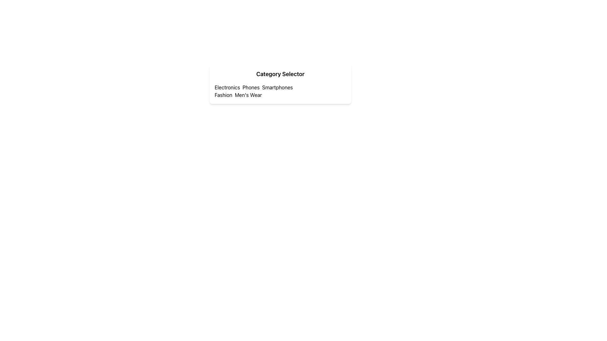 This screenshot has height=341, width=607. What do you see at coordinates (277, 87) in the screenshot?
I see `the text label that serves as a category or subsection label, positioned below the 'Electronics' category and following the word 'Phones', if it is a hyperlink` at bounding box center [277, 87].